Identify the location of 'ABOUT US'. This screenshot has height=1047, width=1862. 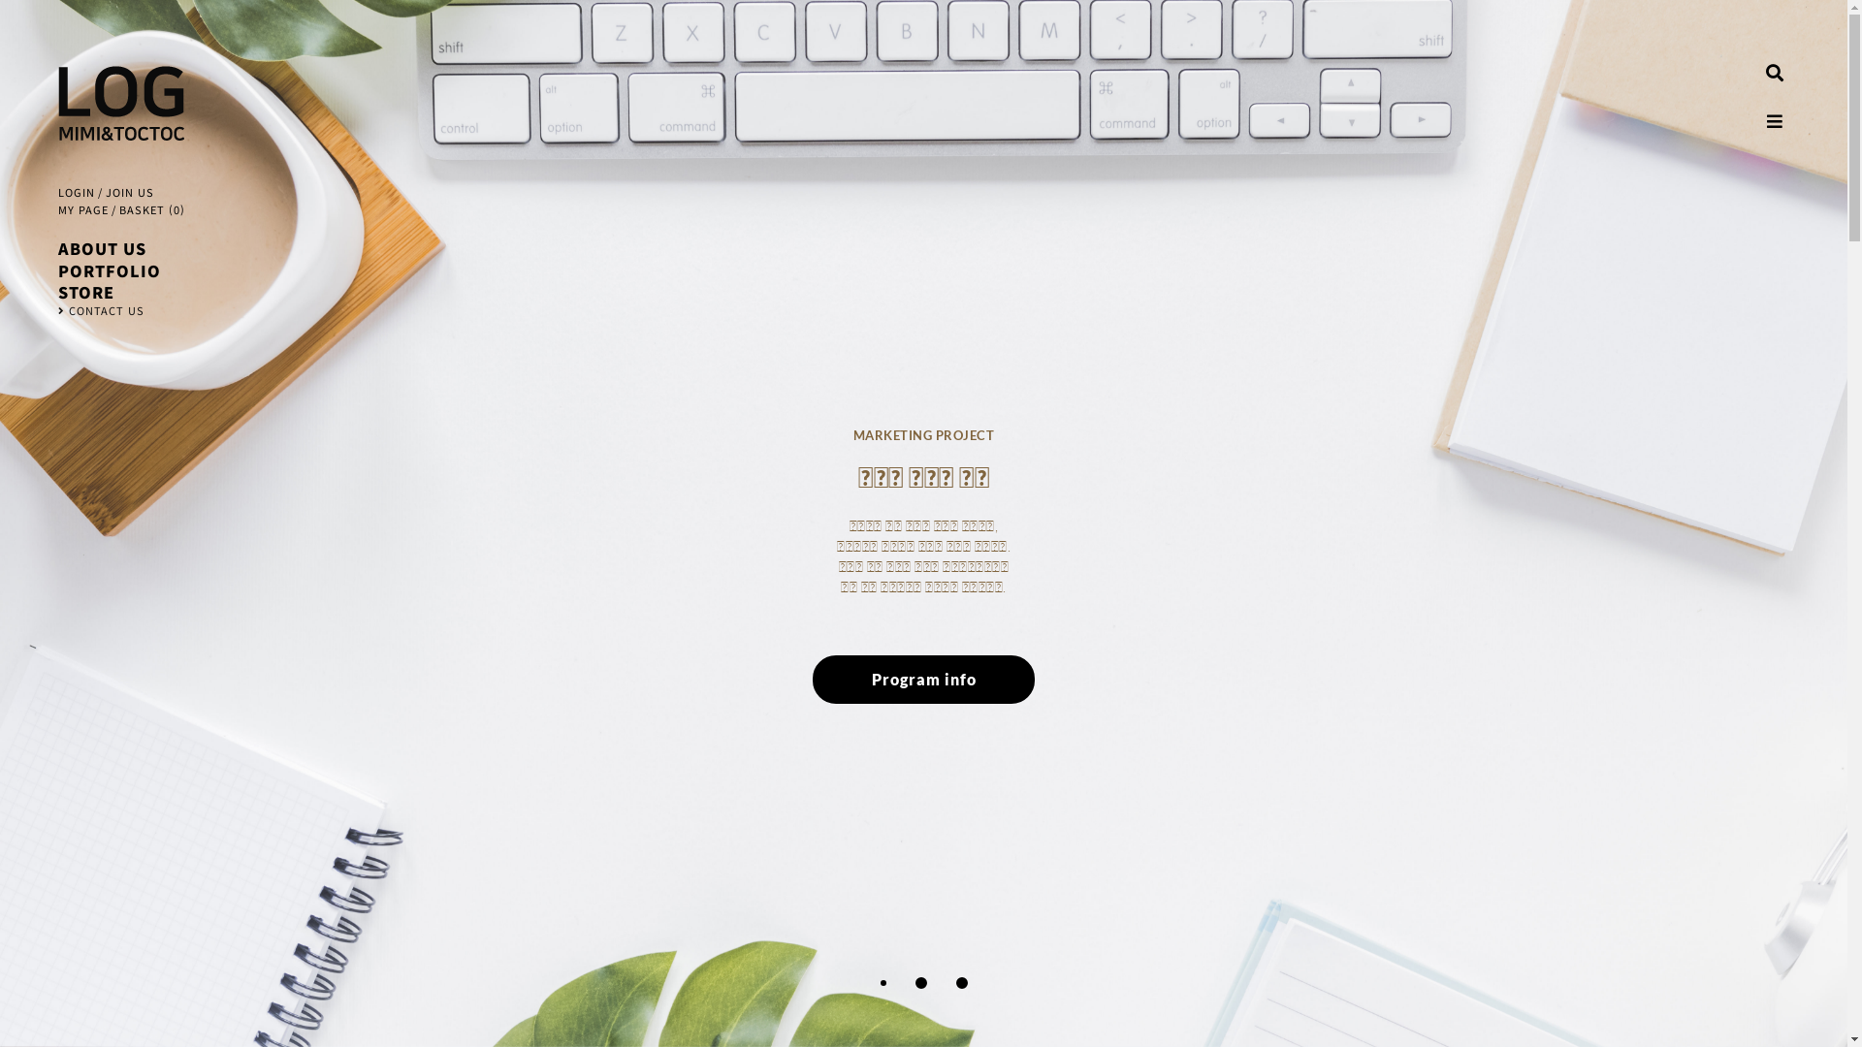
(119, 246).